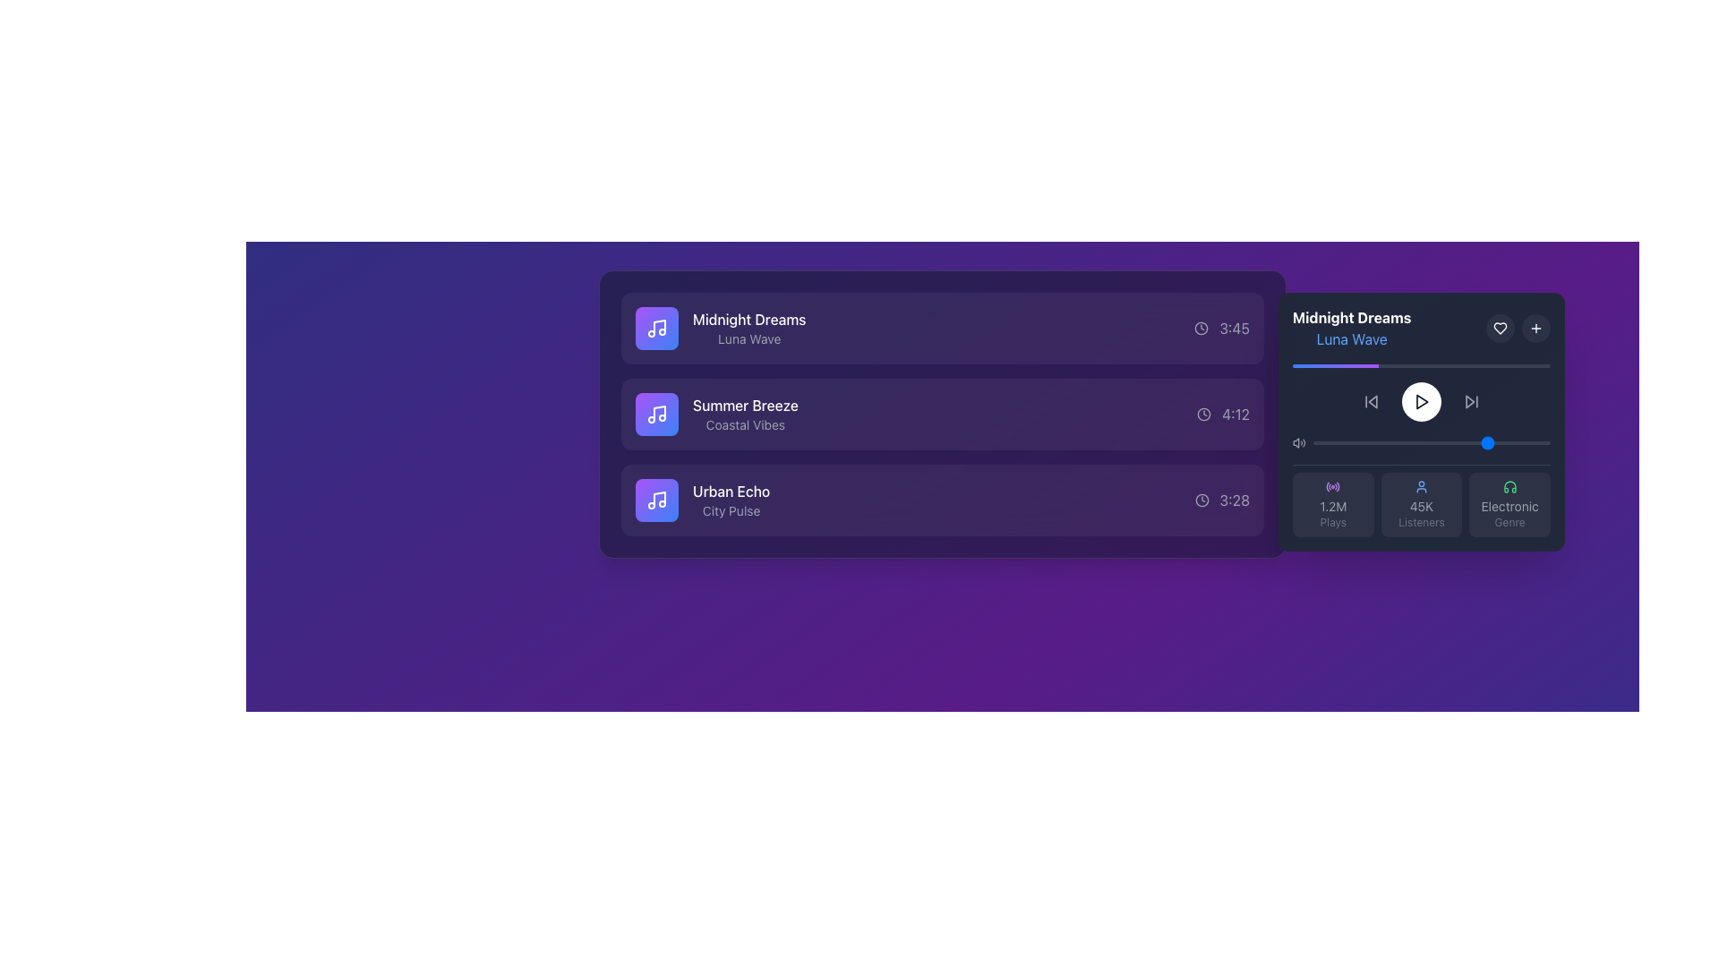 This screenshot has width=1719, height=967. What do you see at coordinates (1421, 501) in the screenshot?
I see `the Informational block displaying '45K' and 'Listeners' with a user silhouette icon, located in the grid layout at the bottom of the right panel` at bounding box center [1421, 501].